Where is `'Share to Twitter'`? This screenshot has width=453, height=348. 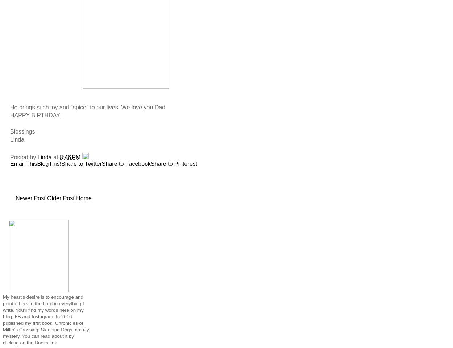
'Share to Twitter' is located at coordinates (61, 163).